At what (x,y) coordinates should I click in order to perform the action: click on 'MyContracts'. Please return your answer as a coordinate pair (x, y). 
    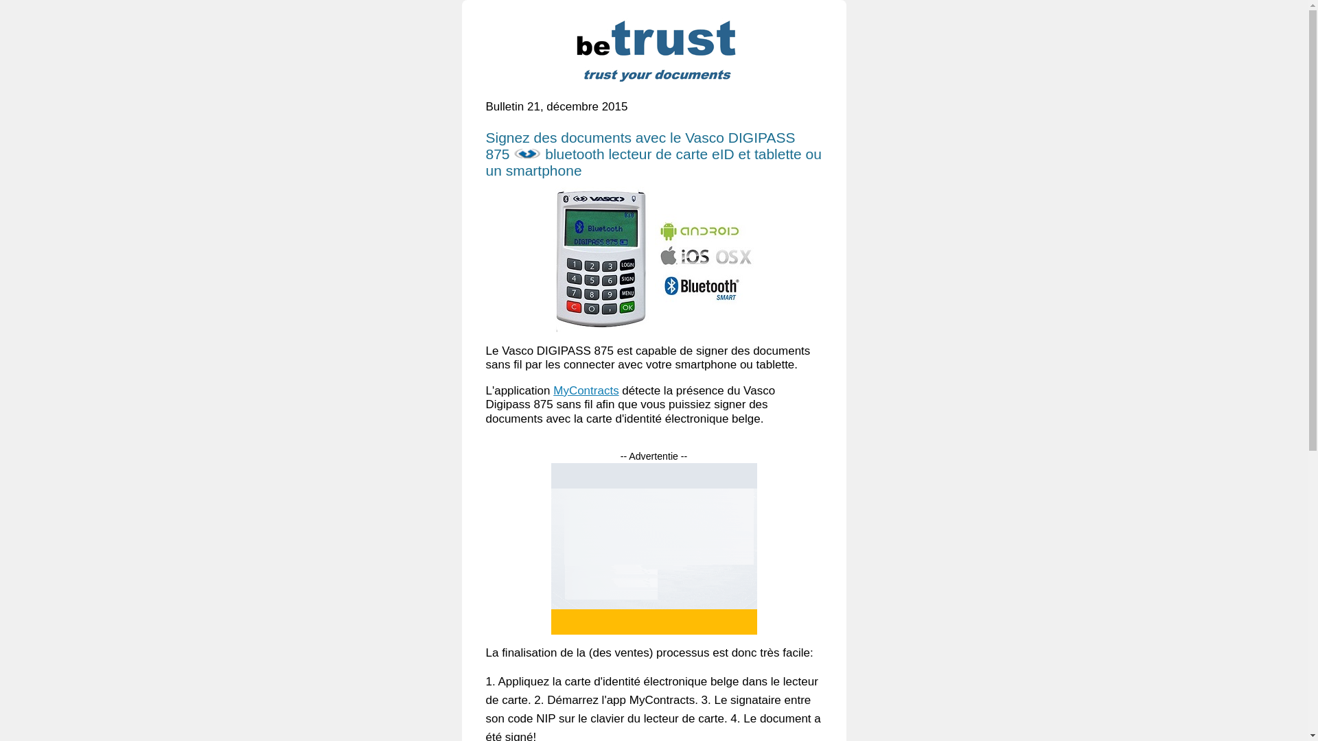
    Looking at the image, I should click on (586, 390).